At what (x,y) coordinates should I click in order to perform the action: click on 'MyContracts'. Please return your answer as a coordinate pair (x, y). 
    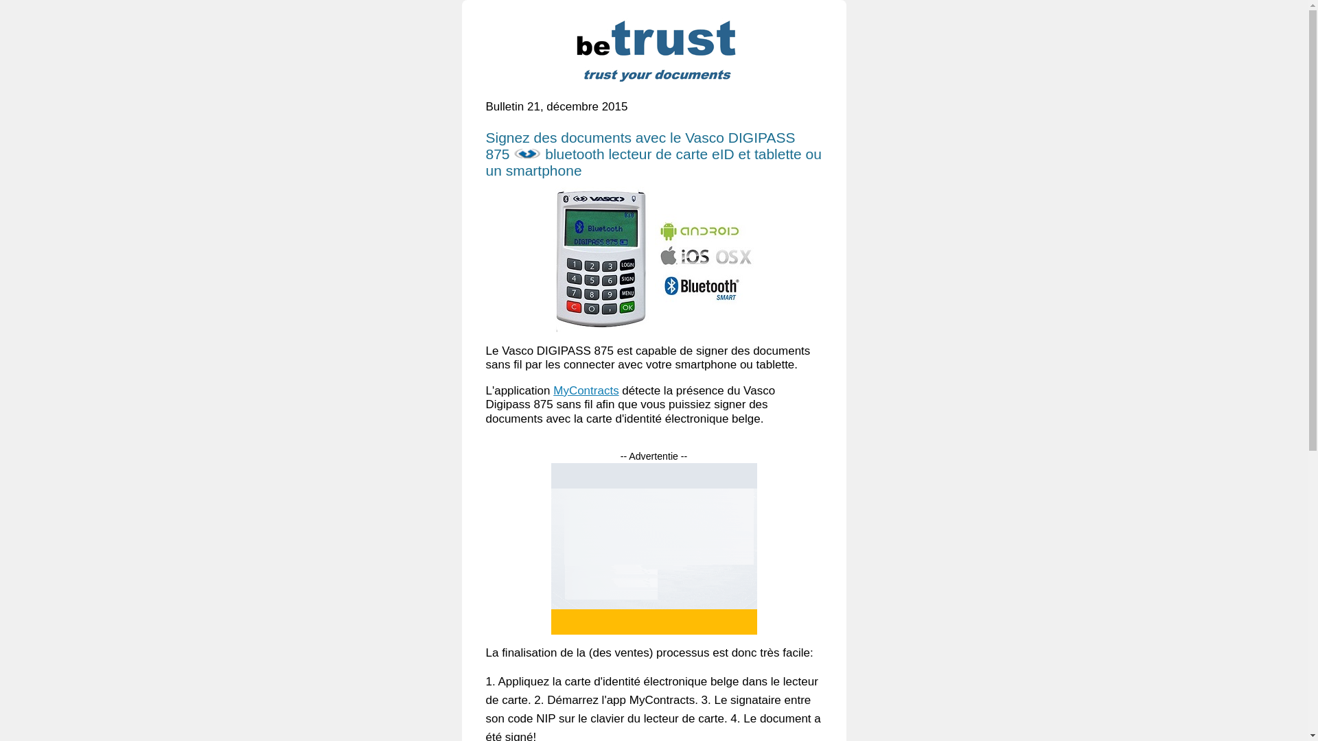
    Looking at the image, I should click on (586, 390).